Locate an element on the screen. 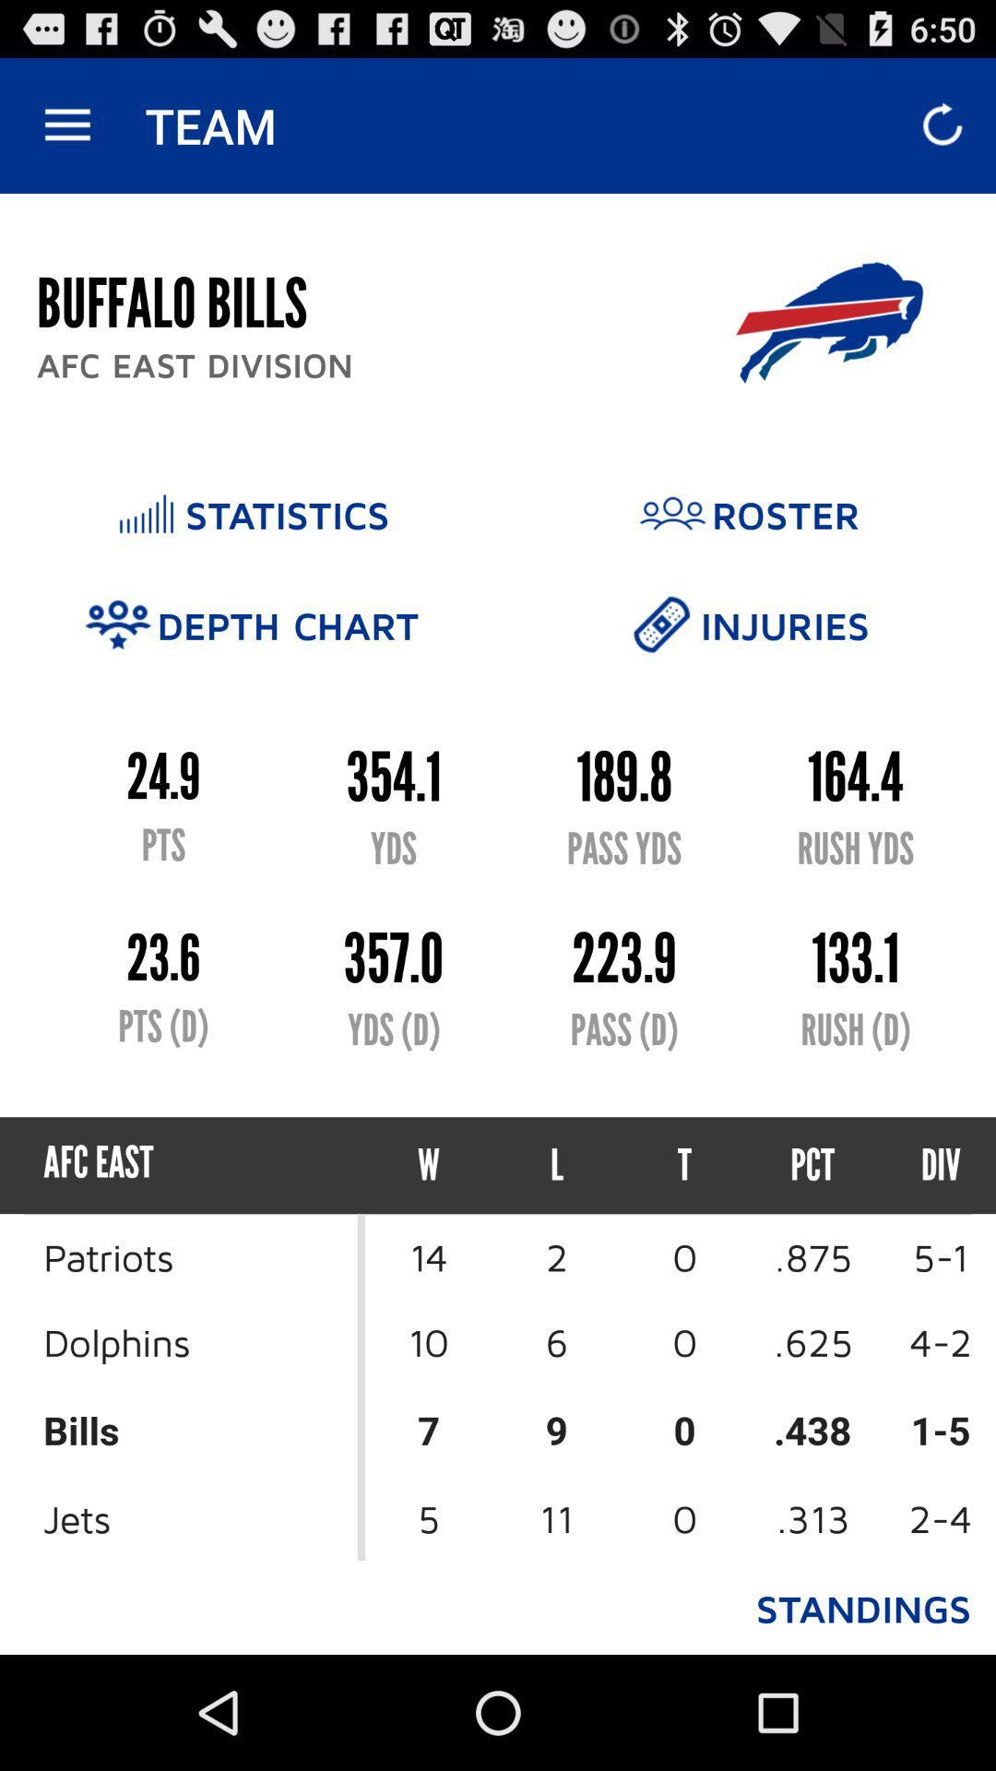  the div item is located at coordinates (924, 1164).